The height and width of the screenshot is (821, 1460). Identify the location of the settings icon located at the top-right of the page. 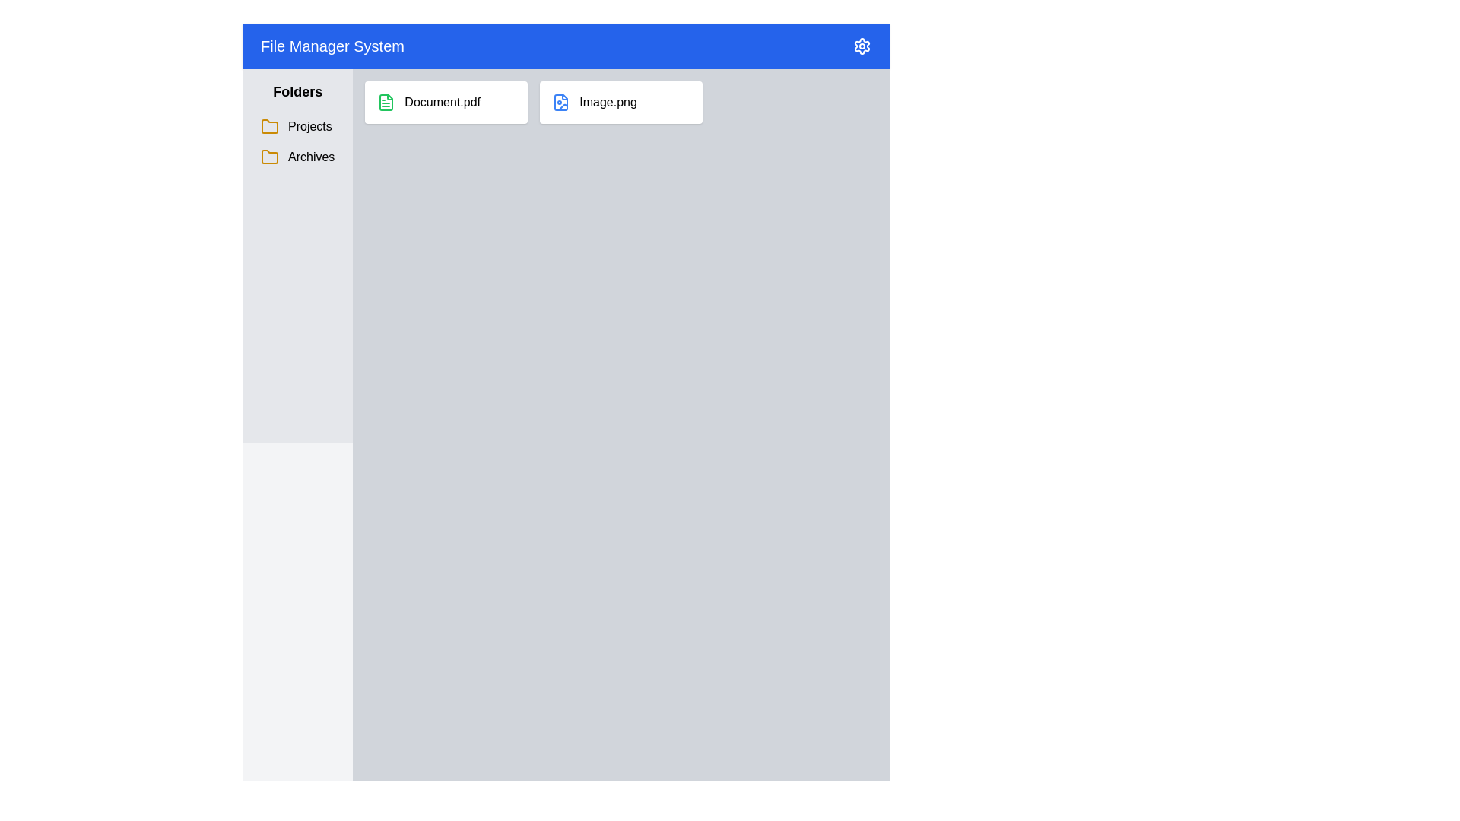
(862, 46).